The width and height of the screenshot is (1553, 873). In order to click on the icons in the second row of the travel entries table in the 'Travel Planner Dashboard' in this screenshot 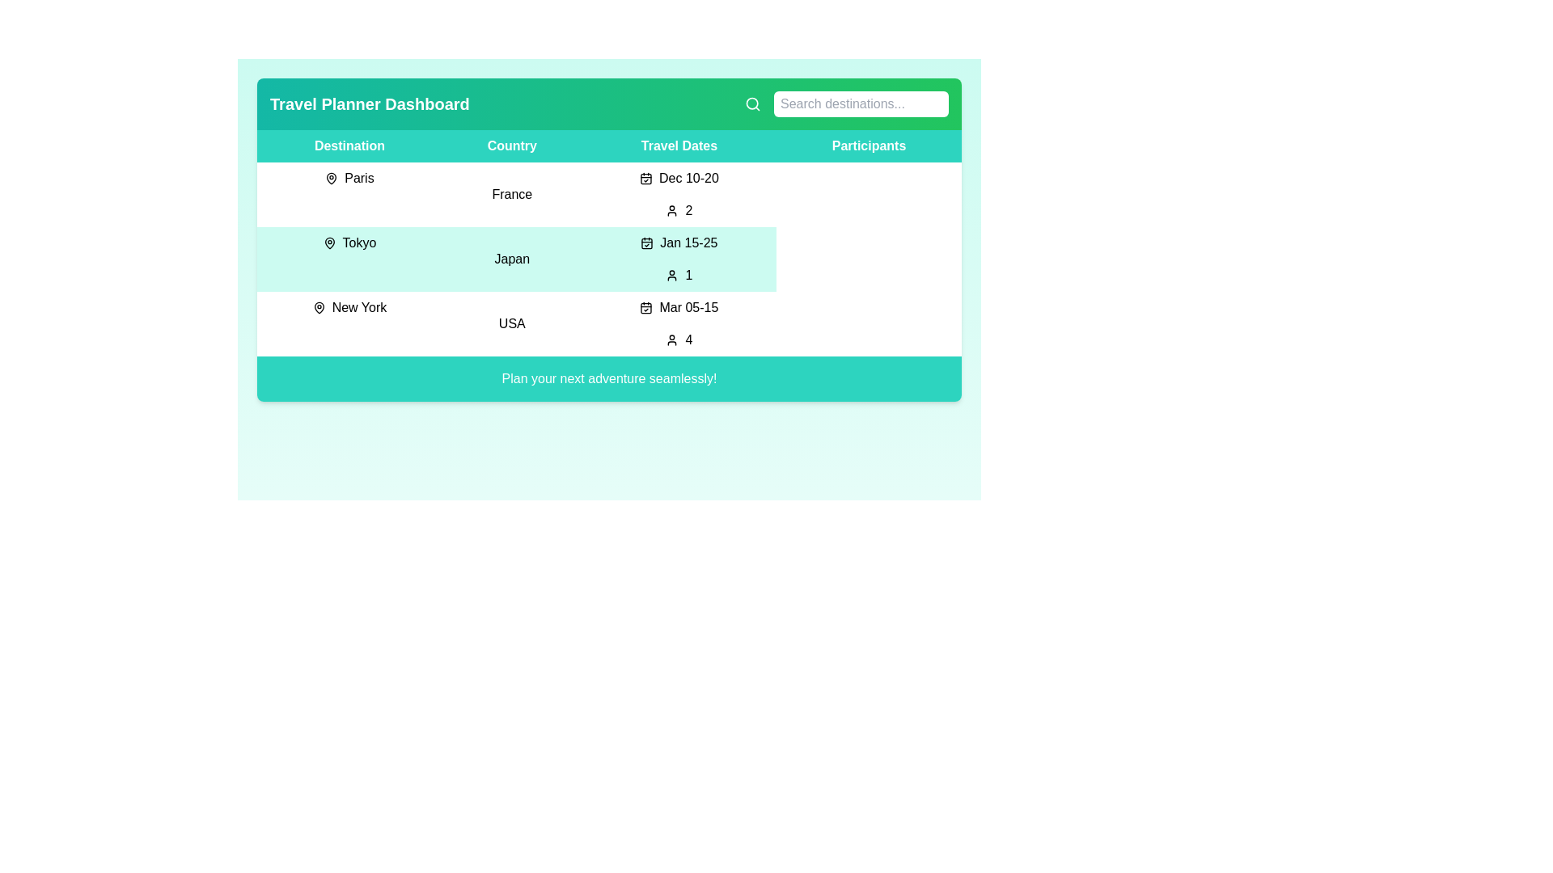, I will do `click(608, 258)`.